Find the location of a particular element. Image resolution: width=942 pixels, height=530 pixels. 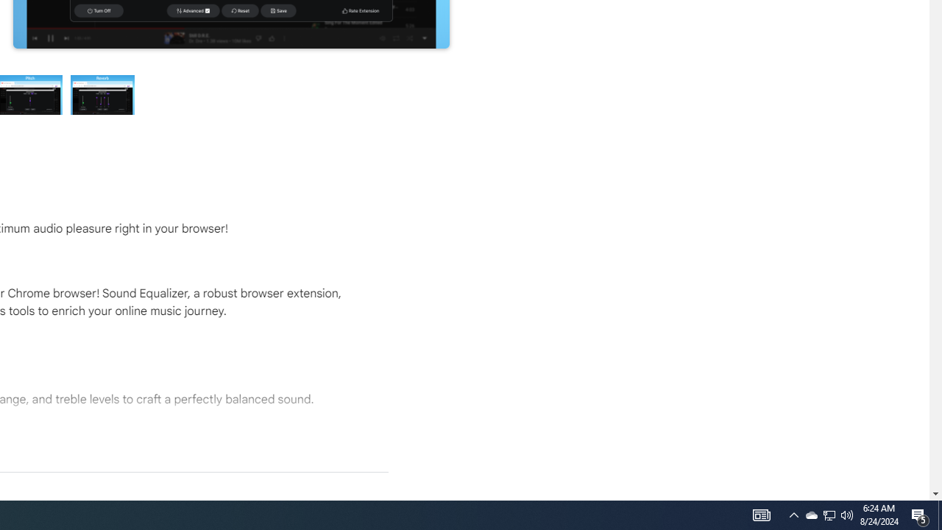

'Preview slide 4' is located at coordinates (102, 94).